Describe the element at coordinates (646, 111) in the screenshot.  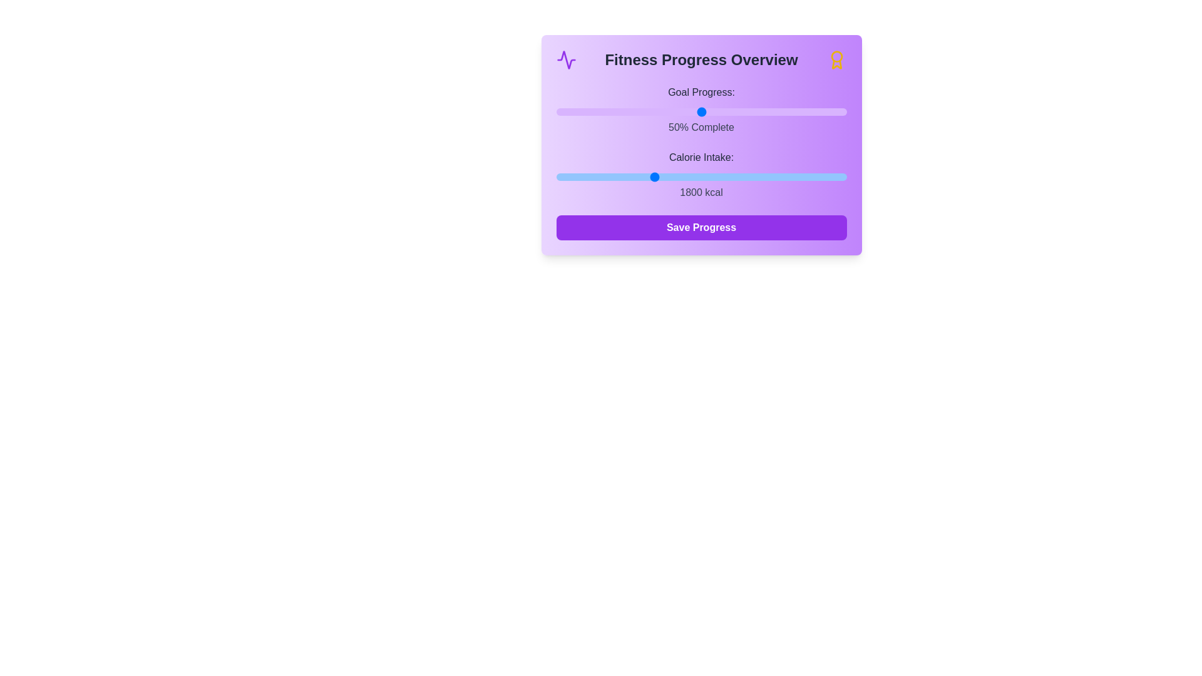
I see `progress` at that location.